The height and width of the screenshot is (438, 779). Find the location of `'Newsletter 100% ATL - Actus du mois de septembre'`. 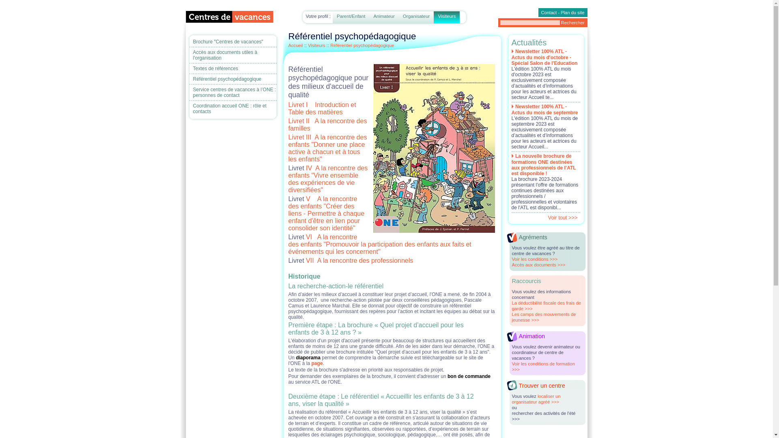

'Newsletter 100% ATL - Actus du mois de septembre' is located at coordinates (544, 109).